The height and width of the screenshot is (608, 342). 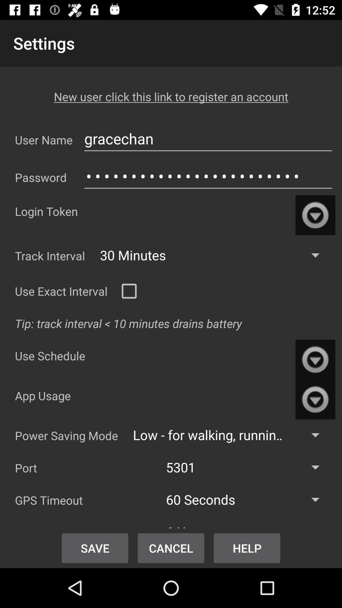 I want to click on the expand_more icon, so click(x=315, y=359).